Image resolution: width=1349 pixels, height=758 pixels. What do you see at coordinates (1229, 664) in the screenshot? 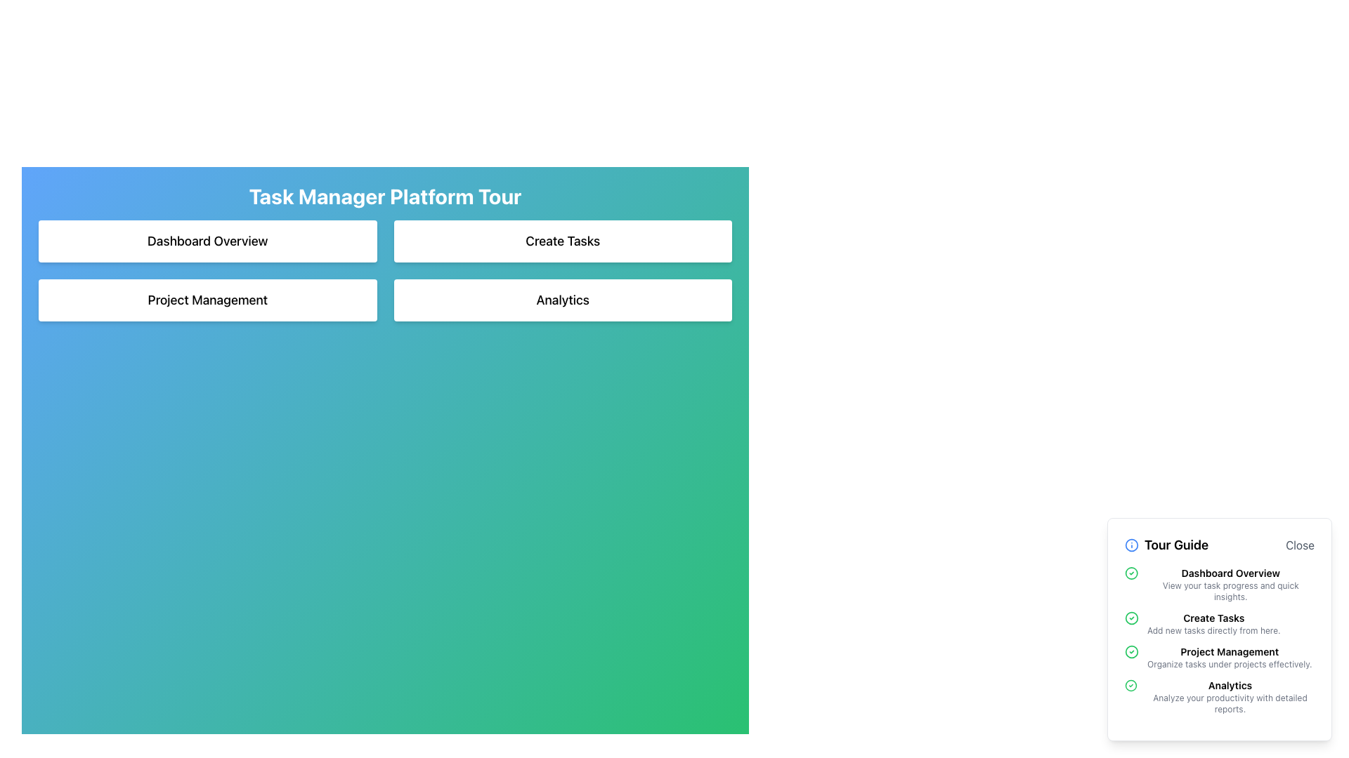
I see `the text snippet reading 'Organize tasks under projects effectively.', which is styled in a small light gray font and positioned below the 'Project Management' heading` at bounding box center [1229, 664].